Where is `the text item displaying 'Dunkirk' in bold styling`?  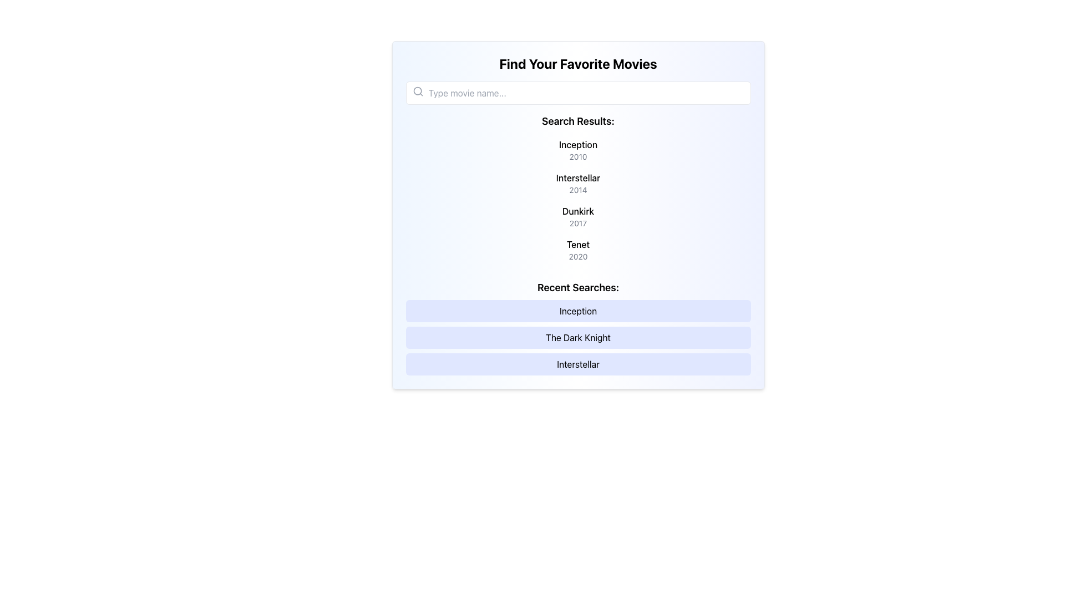
the text item displaying 'Dunkirk' in bold styling is located at coordinates (577, 216).